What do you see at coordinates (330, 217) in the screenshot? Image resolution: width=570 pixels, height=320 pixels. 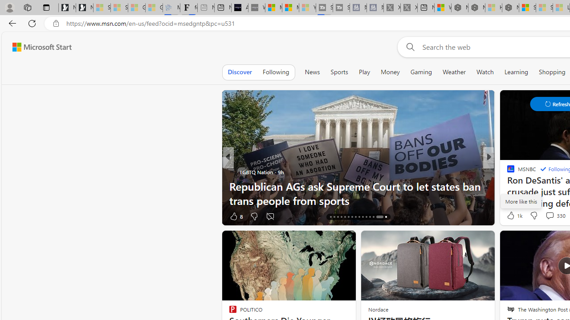 I see `'AutomationID: tab-16'` at bounding box center [330, 217].